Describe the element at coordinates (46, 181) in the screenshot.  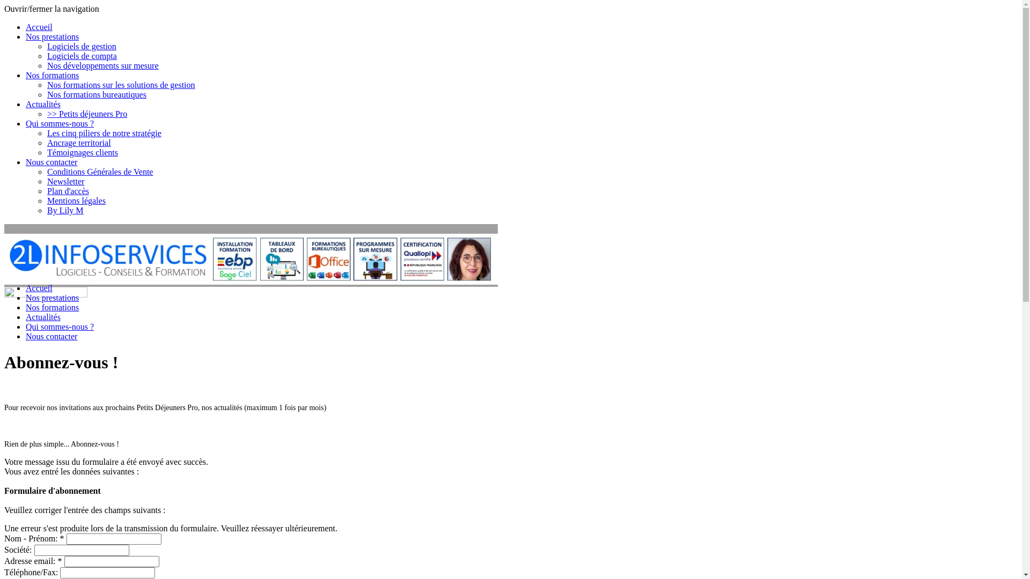
I see `'Newsletter'` at that location.